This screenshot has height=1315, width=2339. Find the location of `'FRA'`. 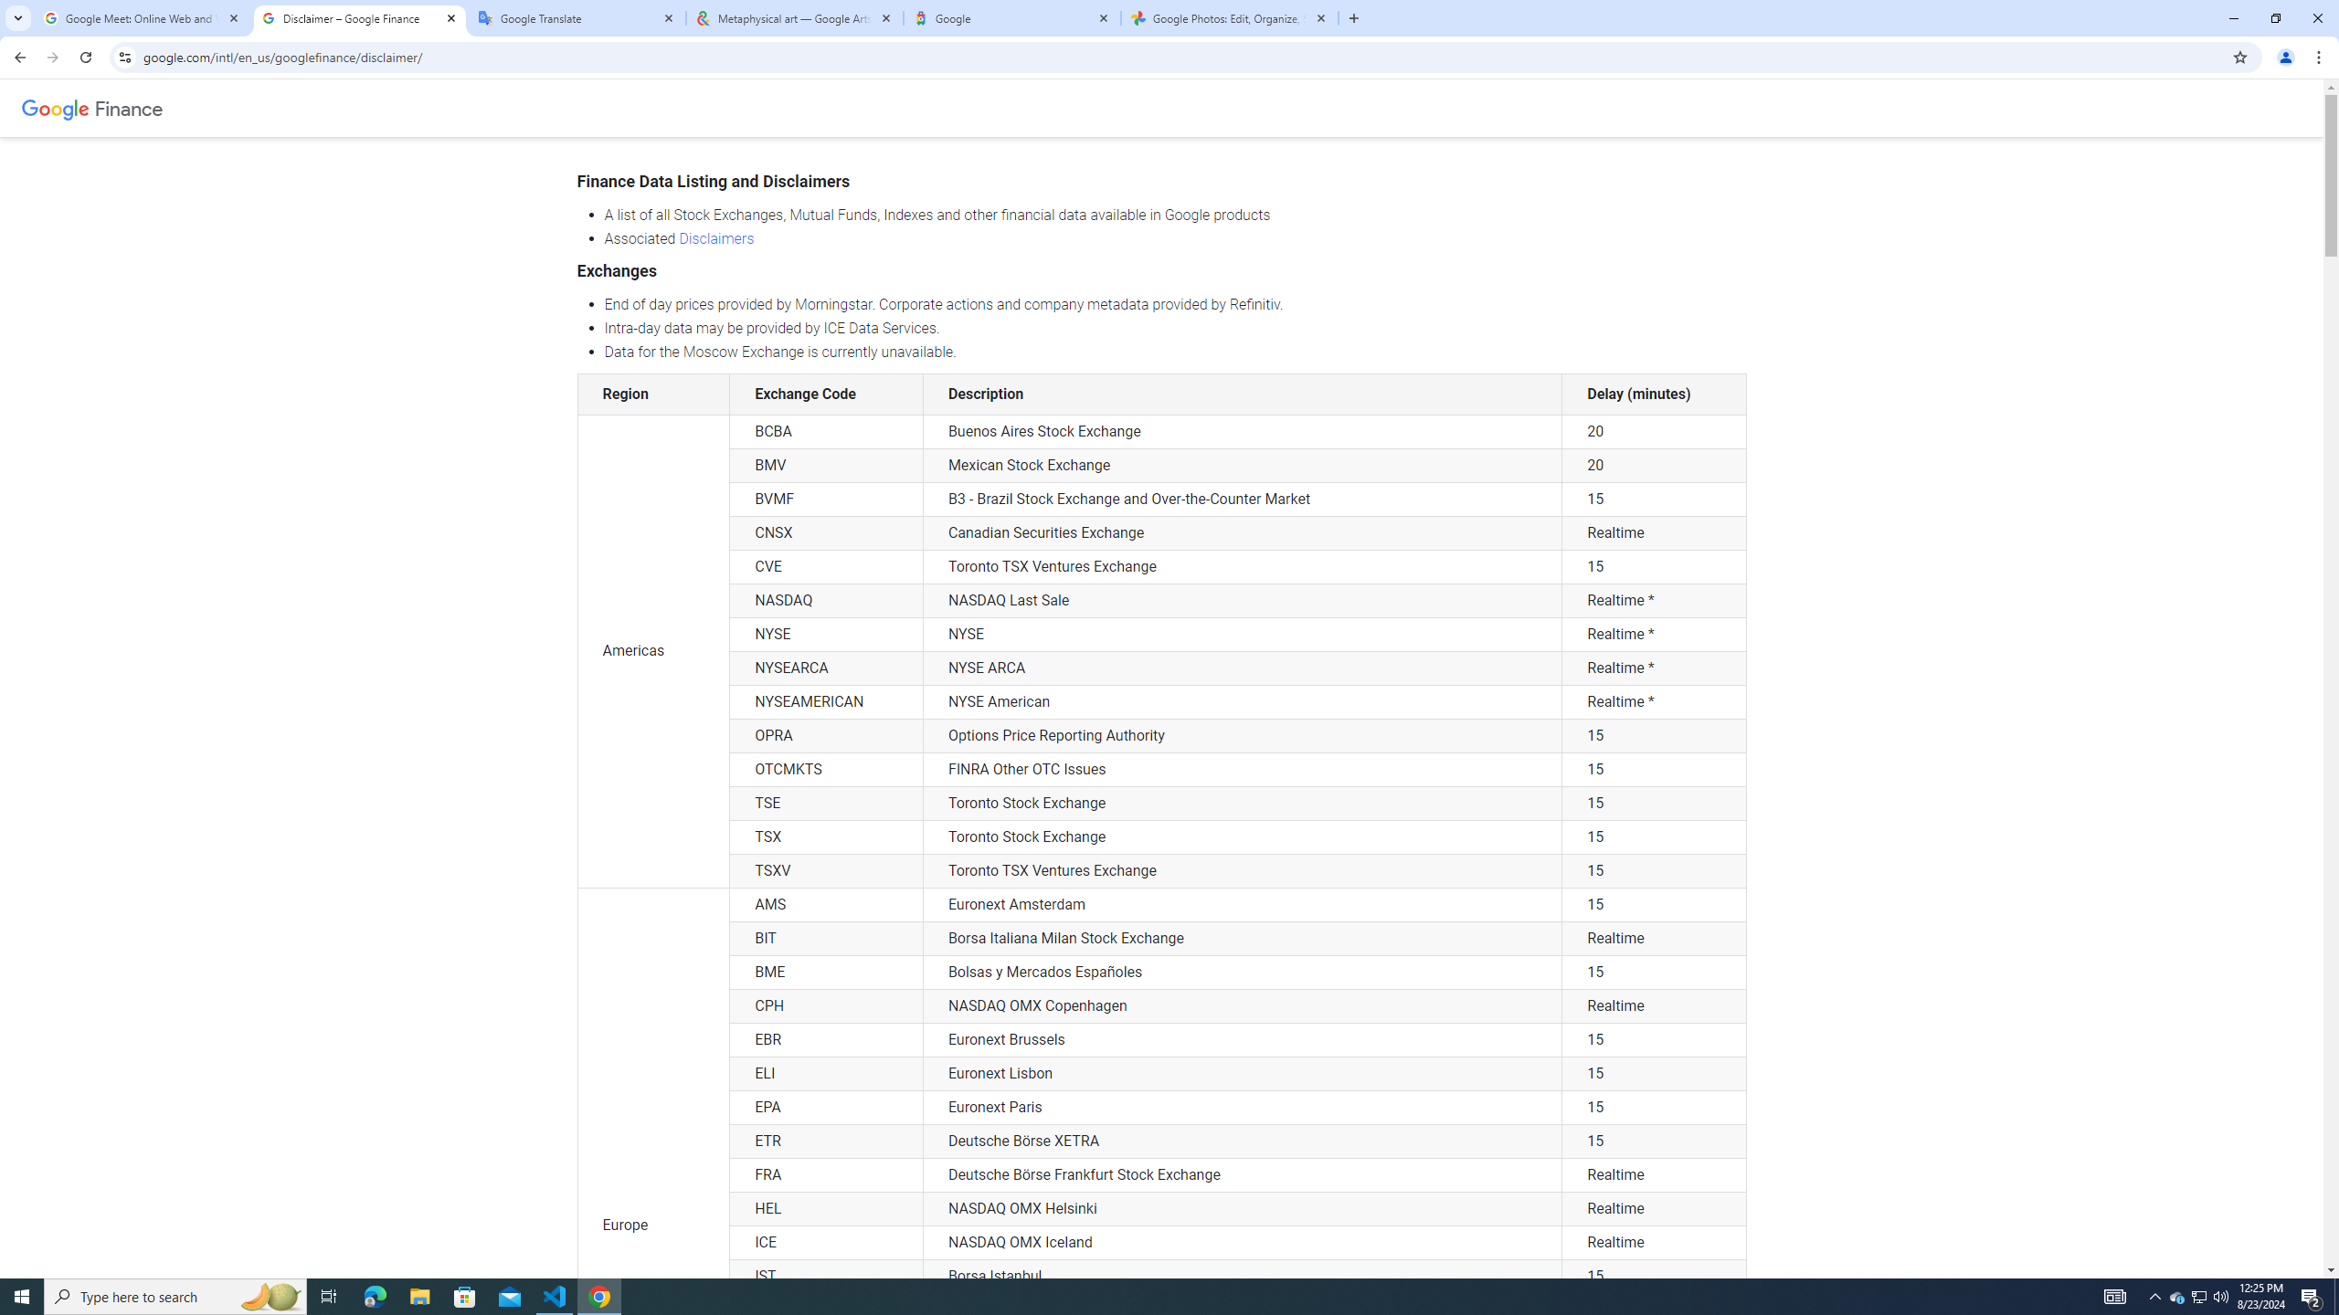

'FRA' is located at coordinates (826, 1174).